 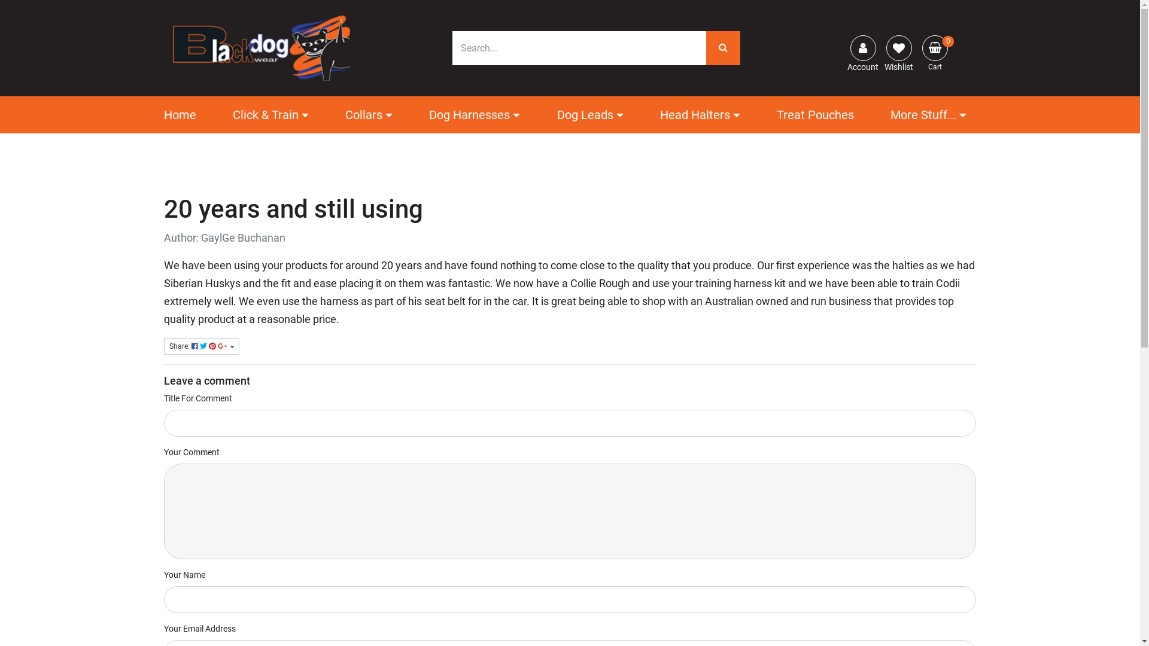 What do you see at coordinates (700, 115) in the screenshot?
I see `'Head Halters'` at bounding box center [700, 115].